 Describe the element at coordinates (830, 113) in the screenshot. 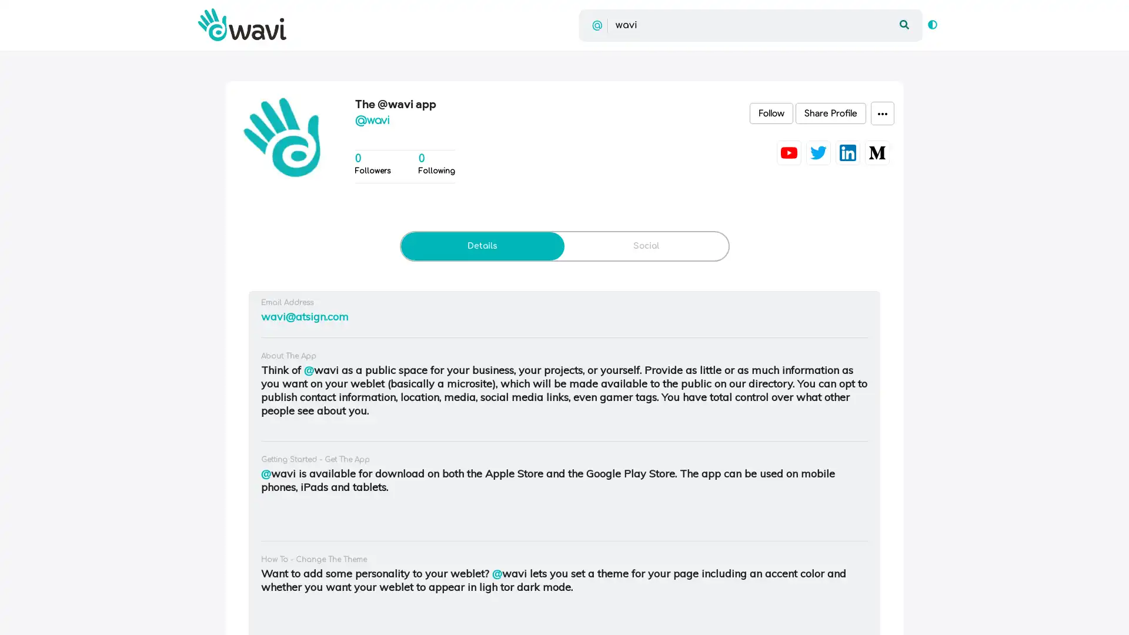

I see `Share Profile` at that location.